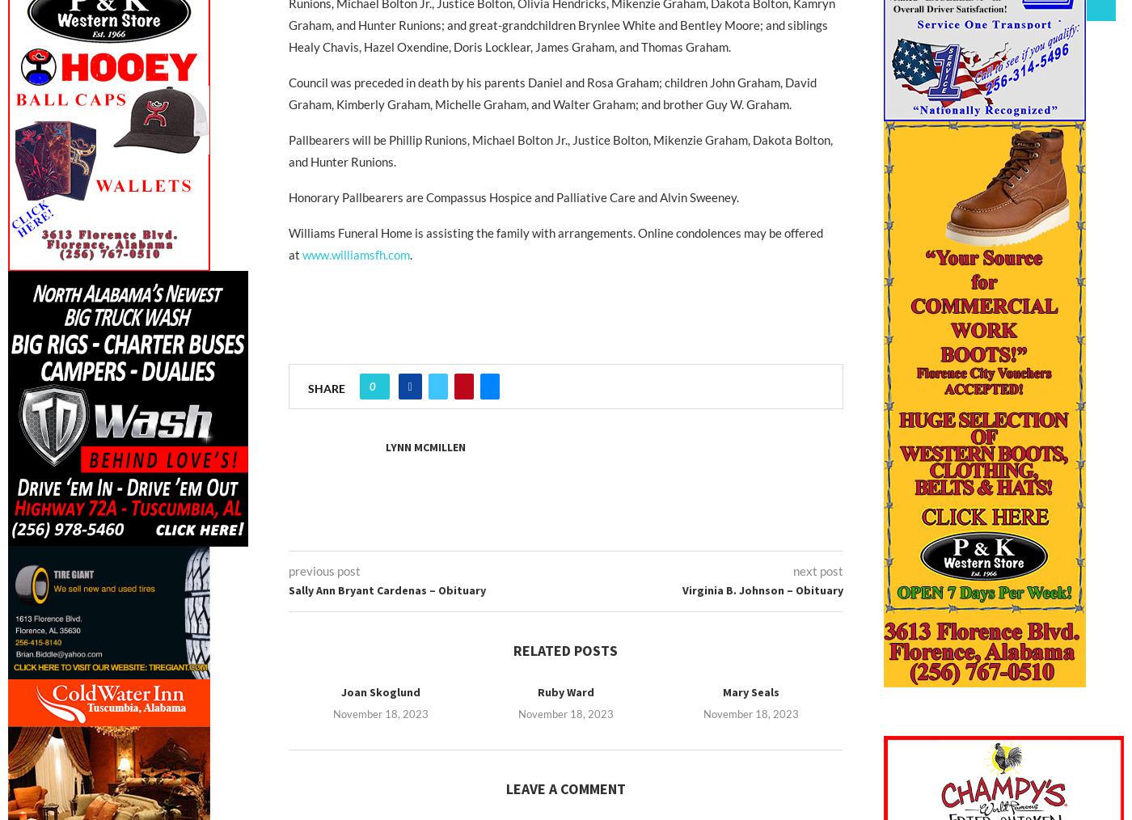  Describe the element at coordinates (479, 426) in the screenshot. I see `'Email'` at that location.